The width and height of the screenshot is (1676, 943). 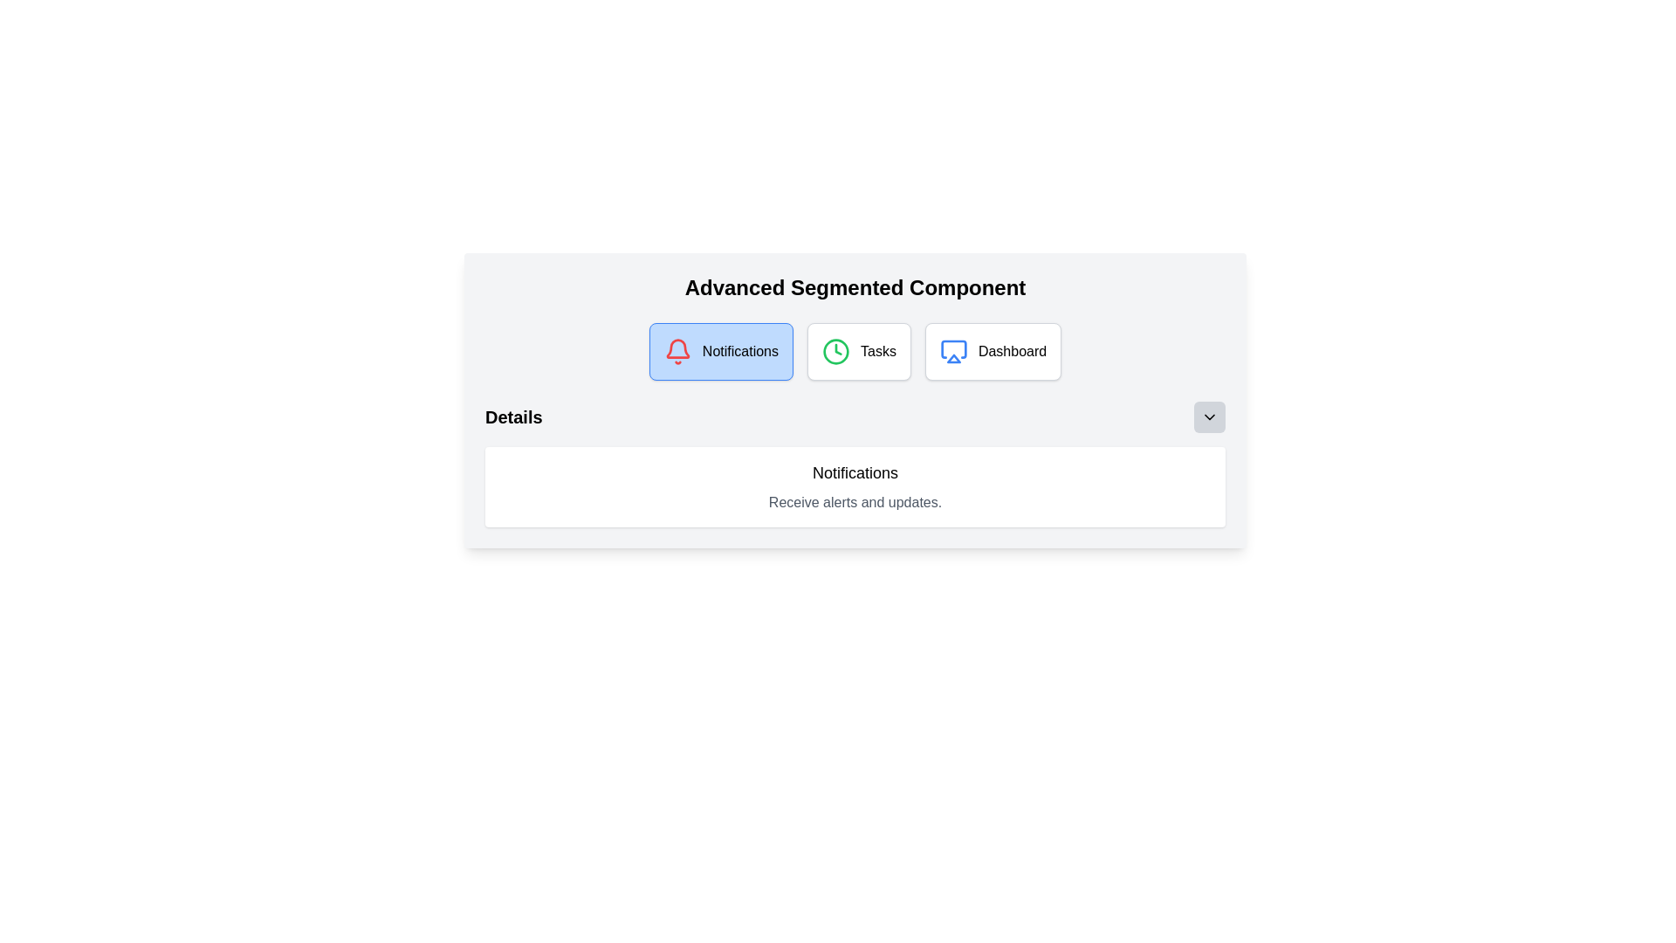 I want to click on the Dashboard button, which is the third button in a horizontal group of buttons labeled 'Notifications', 'Tasks', and 'Dashboard', so click(x=993, y=351).